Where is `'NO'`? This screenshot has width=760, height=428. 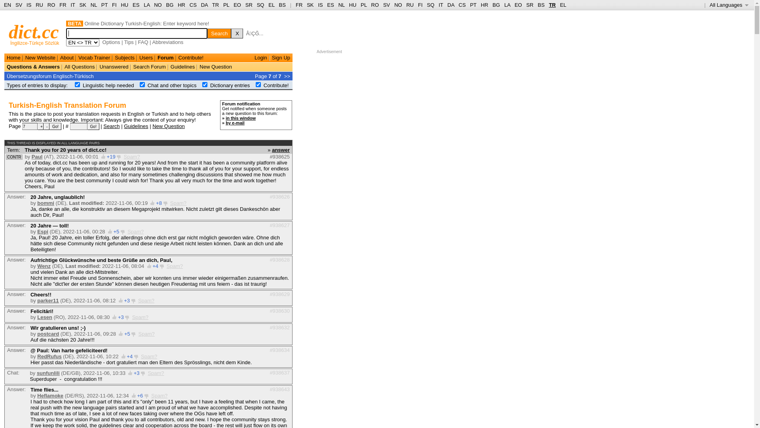
'NO' is located at coordinates (398, 5).